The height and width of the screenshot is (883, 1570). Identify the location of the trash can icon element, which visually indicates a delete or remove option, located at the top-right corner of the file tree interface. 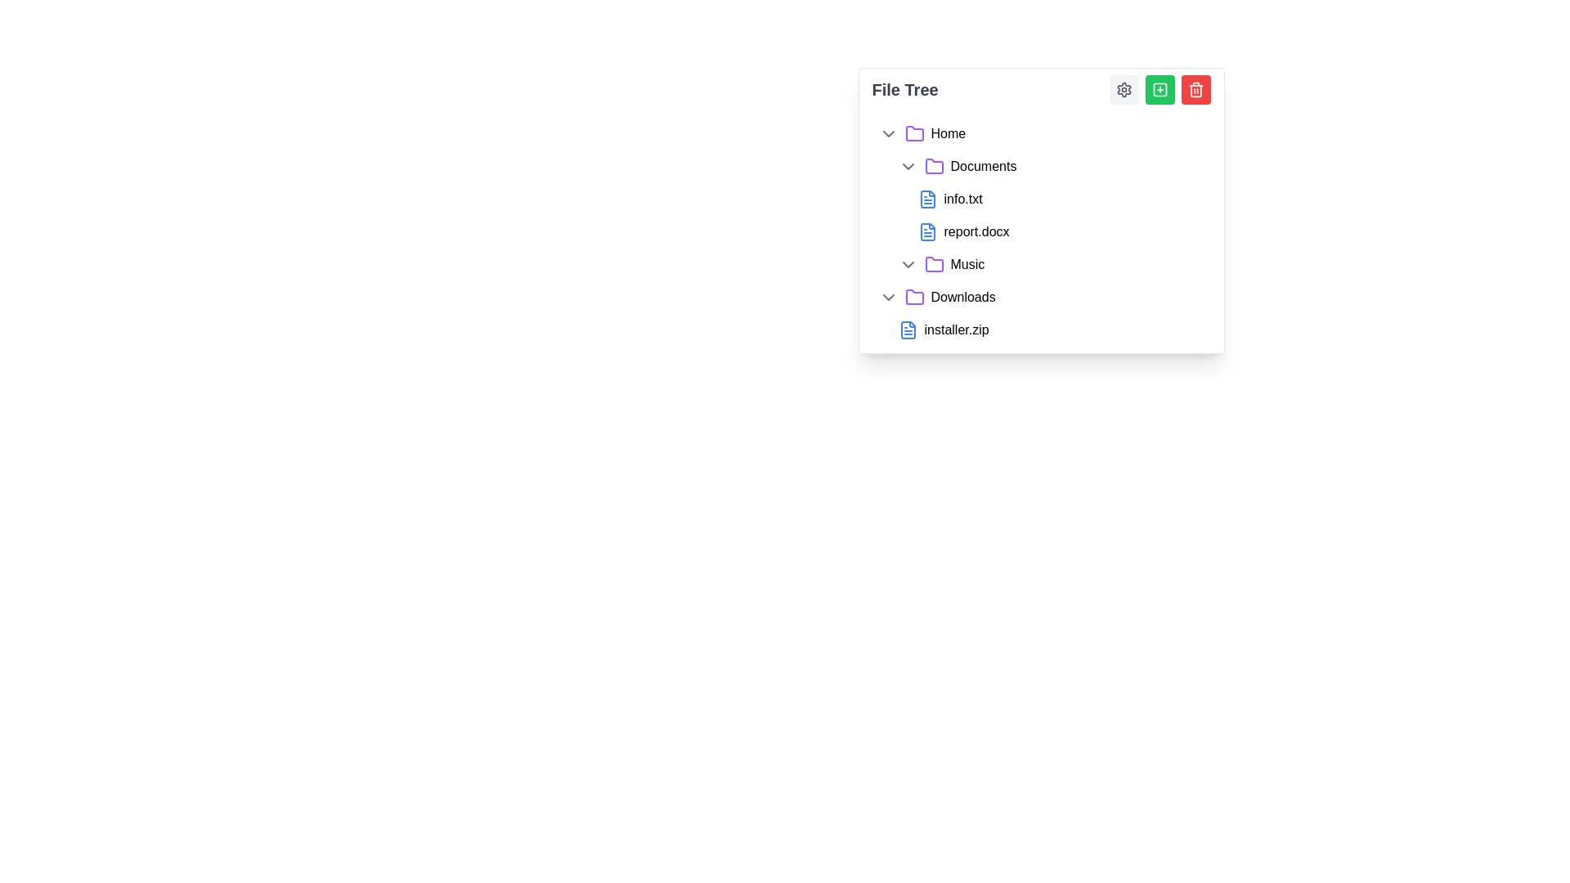
(1195, 91).